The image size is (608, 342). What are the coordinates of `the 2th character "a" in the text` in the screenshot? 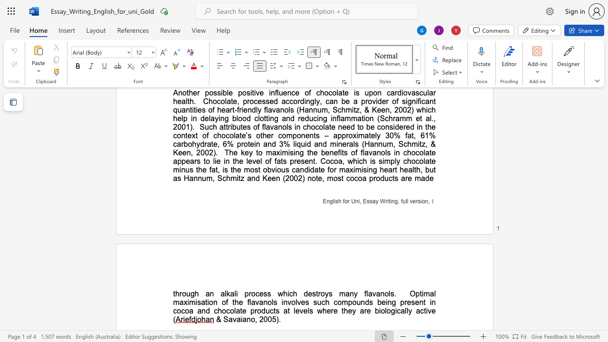 It's located at (238, 319).